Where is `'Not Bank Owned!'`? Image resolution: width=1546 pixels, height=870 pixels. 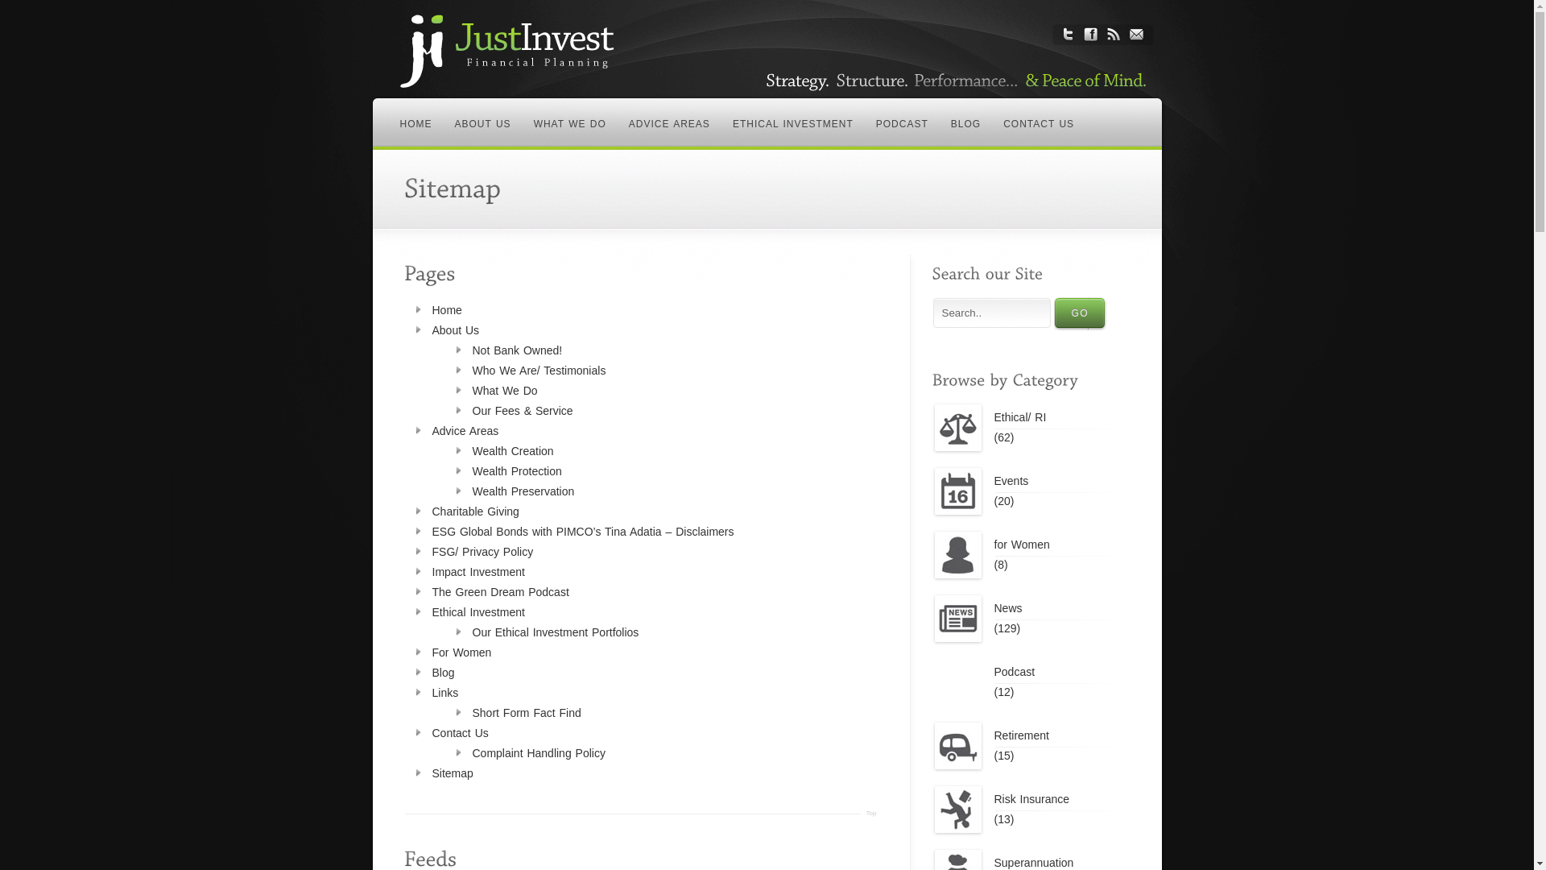 'Not Bank Owned!' is located at coordinates (517, 350).